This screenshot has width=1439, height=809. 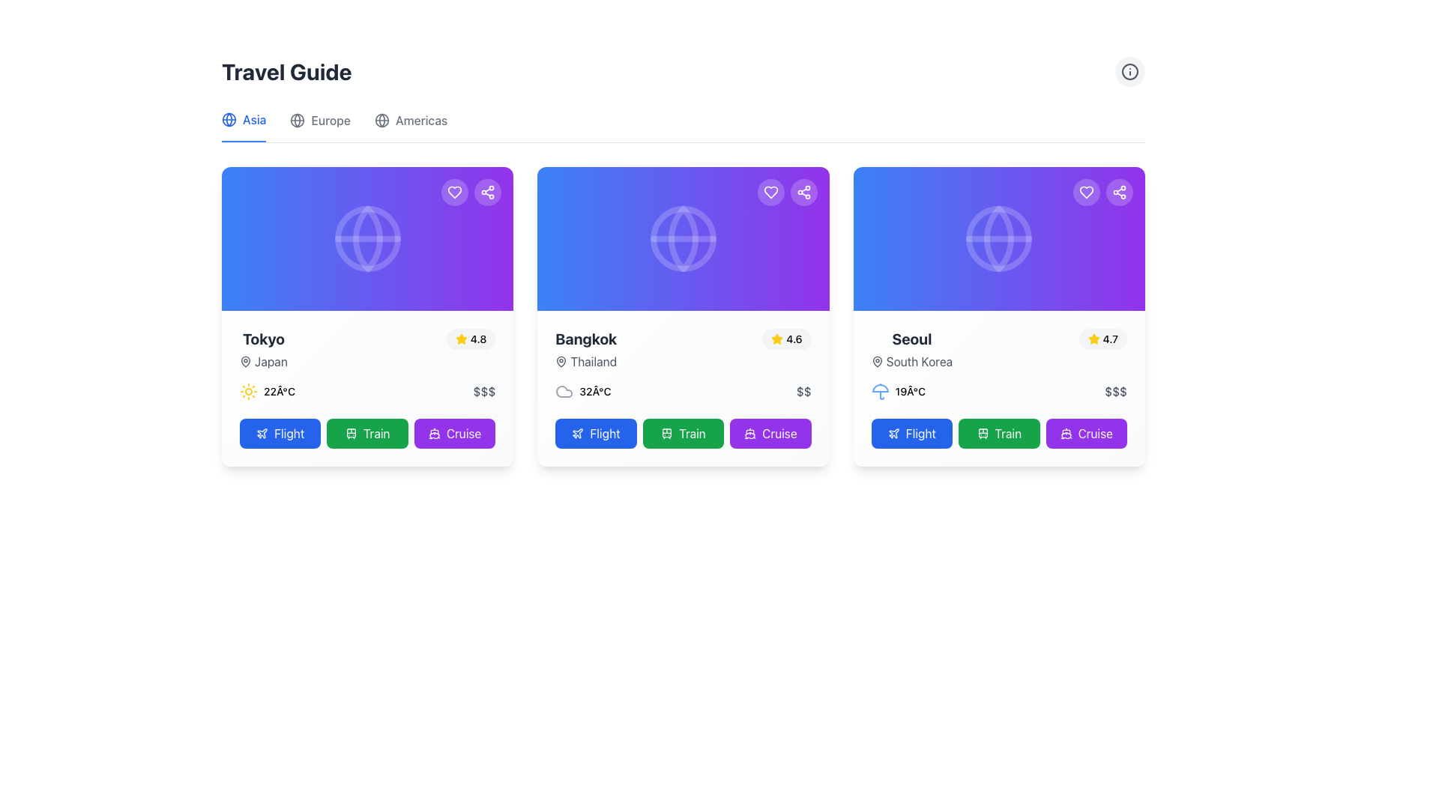 I want to click on the circular outline element of the SVG globe illustration, located in the purple area above the 'Tokyo' card, centered below the 'Asia' text, so click(x=367, y=238).